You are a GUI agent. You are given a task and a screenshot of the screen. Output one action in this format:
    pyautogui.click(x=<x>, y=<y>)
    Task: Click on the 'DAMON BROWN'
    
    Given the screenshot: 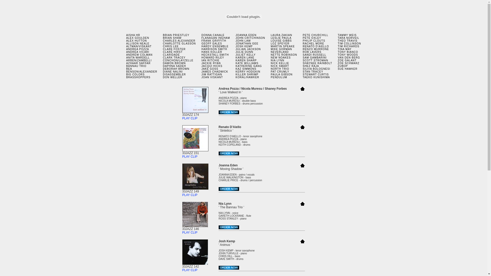 What is the action you would take?
    pyautogui.click(x=174, y=63)
    